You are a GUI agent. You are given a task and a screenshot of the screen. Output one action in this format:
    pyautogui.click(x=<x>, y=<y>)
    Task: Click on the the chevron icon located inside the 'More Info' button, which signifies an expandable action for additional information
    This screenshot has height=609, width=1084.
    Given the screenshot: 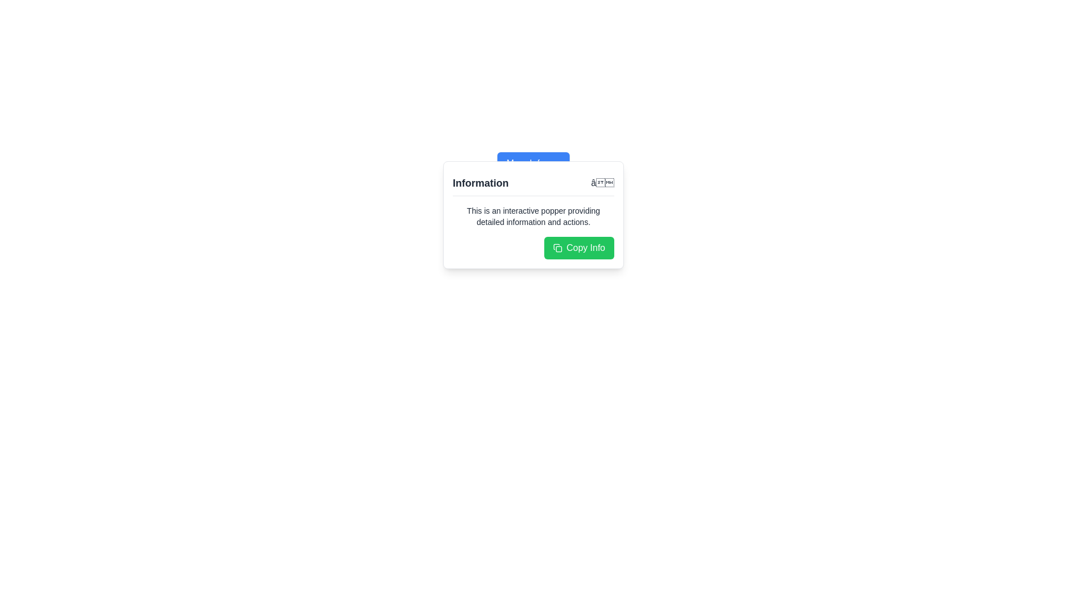 What is the action you would take?
    pyautogui.click(x=554, y=163)
    